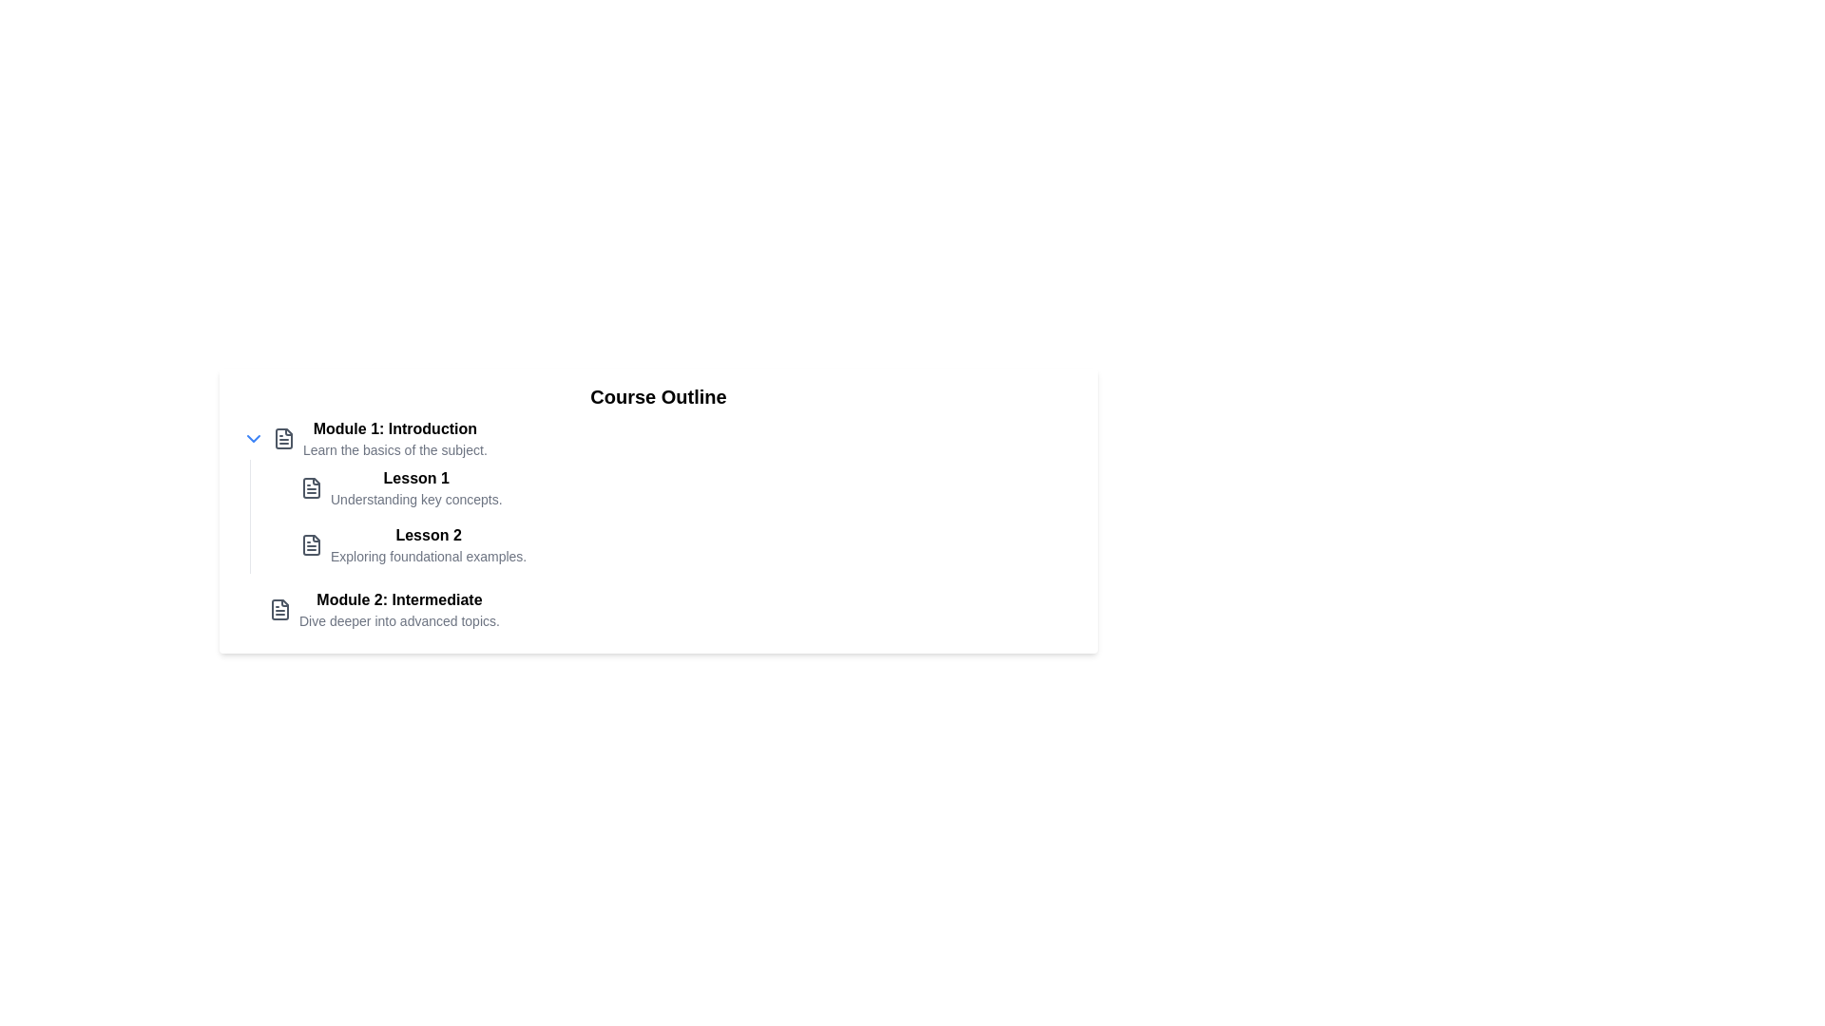  I want to click on text displayed in the first module of the course outline, which includes the title and description of the module, so click(394, 439).